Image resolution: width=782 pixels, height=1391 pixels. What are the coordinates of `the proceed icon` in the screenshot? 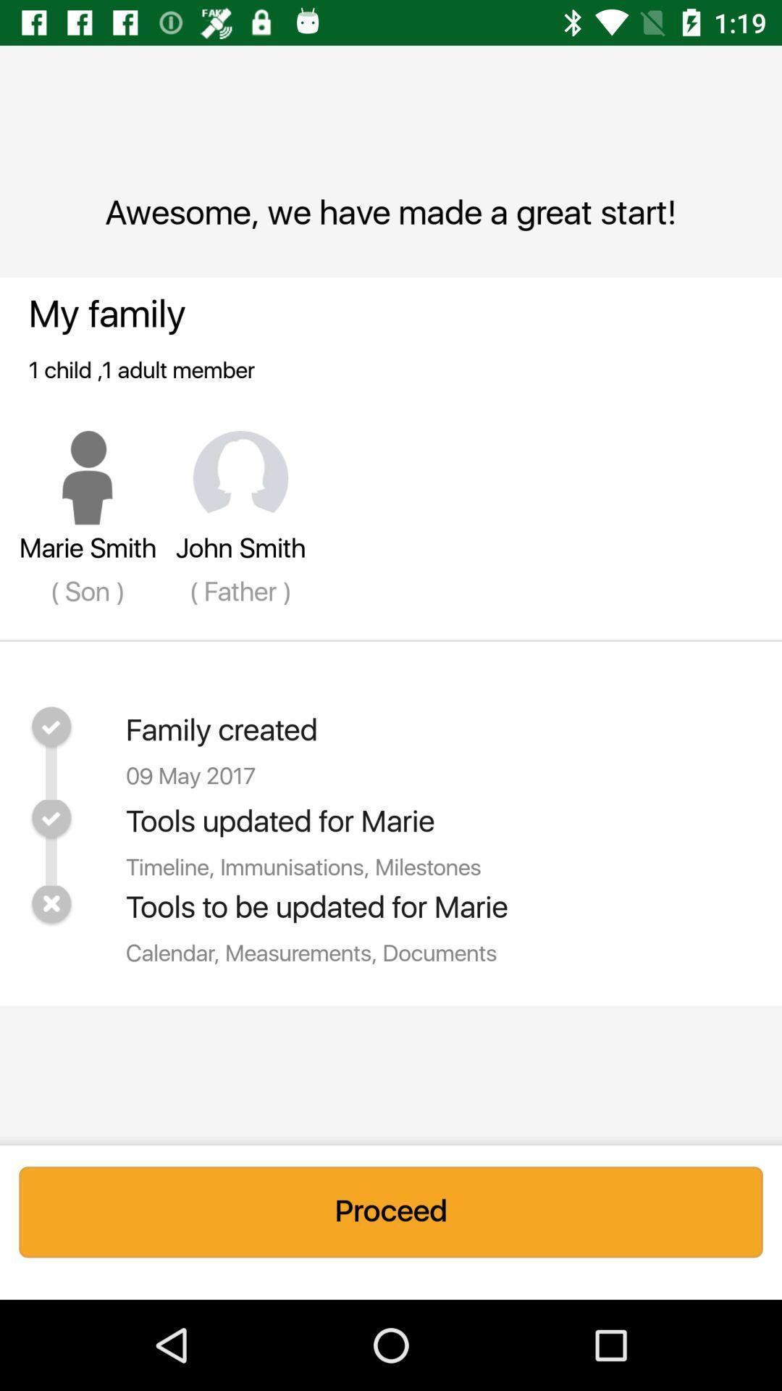 It's located at (391, 1212).